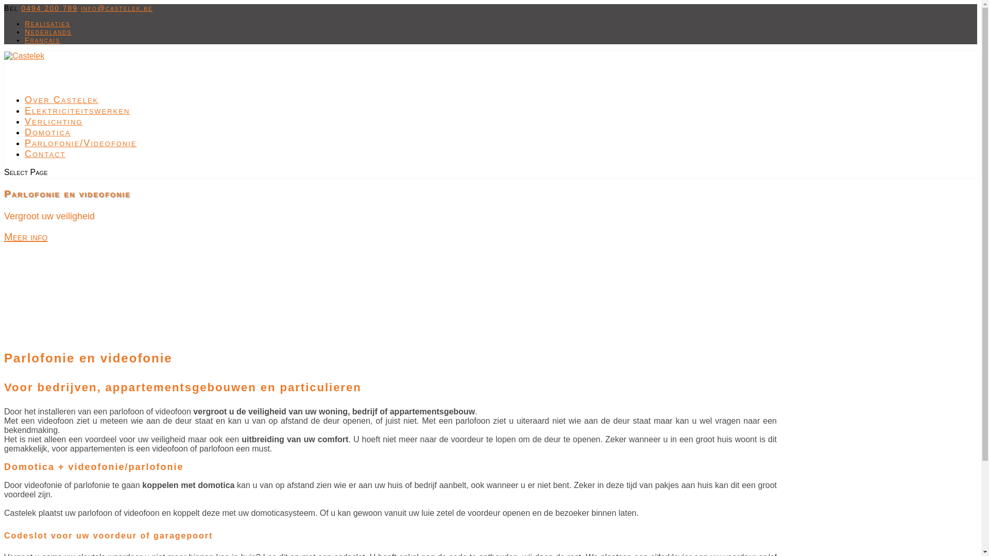  I want to click on 'Elektriciteitswerken', so click(76, 123).